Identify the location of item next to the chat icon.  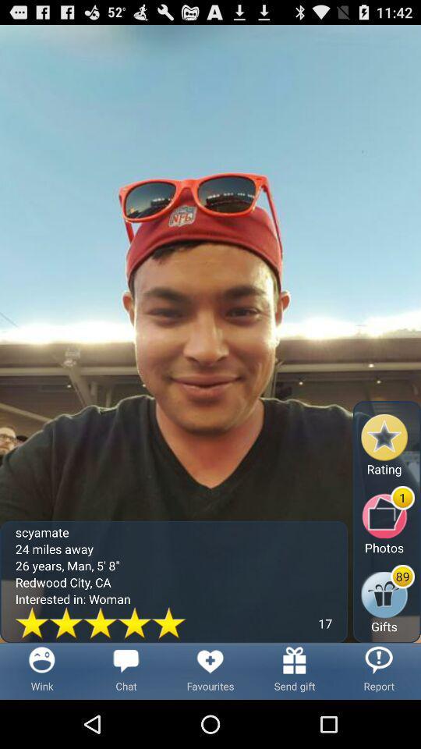
(210, 670).